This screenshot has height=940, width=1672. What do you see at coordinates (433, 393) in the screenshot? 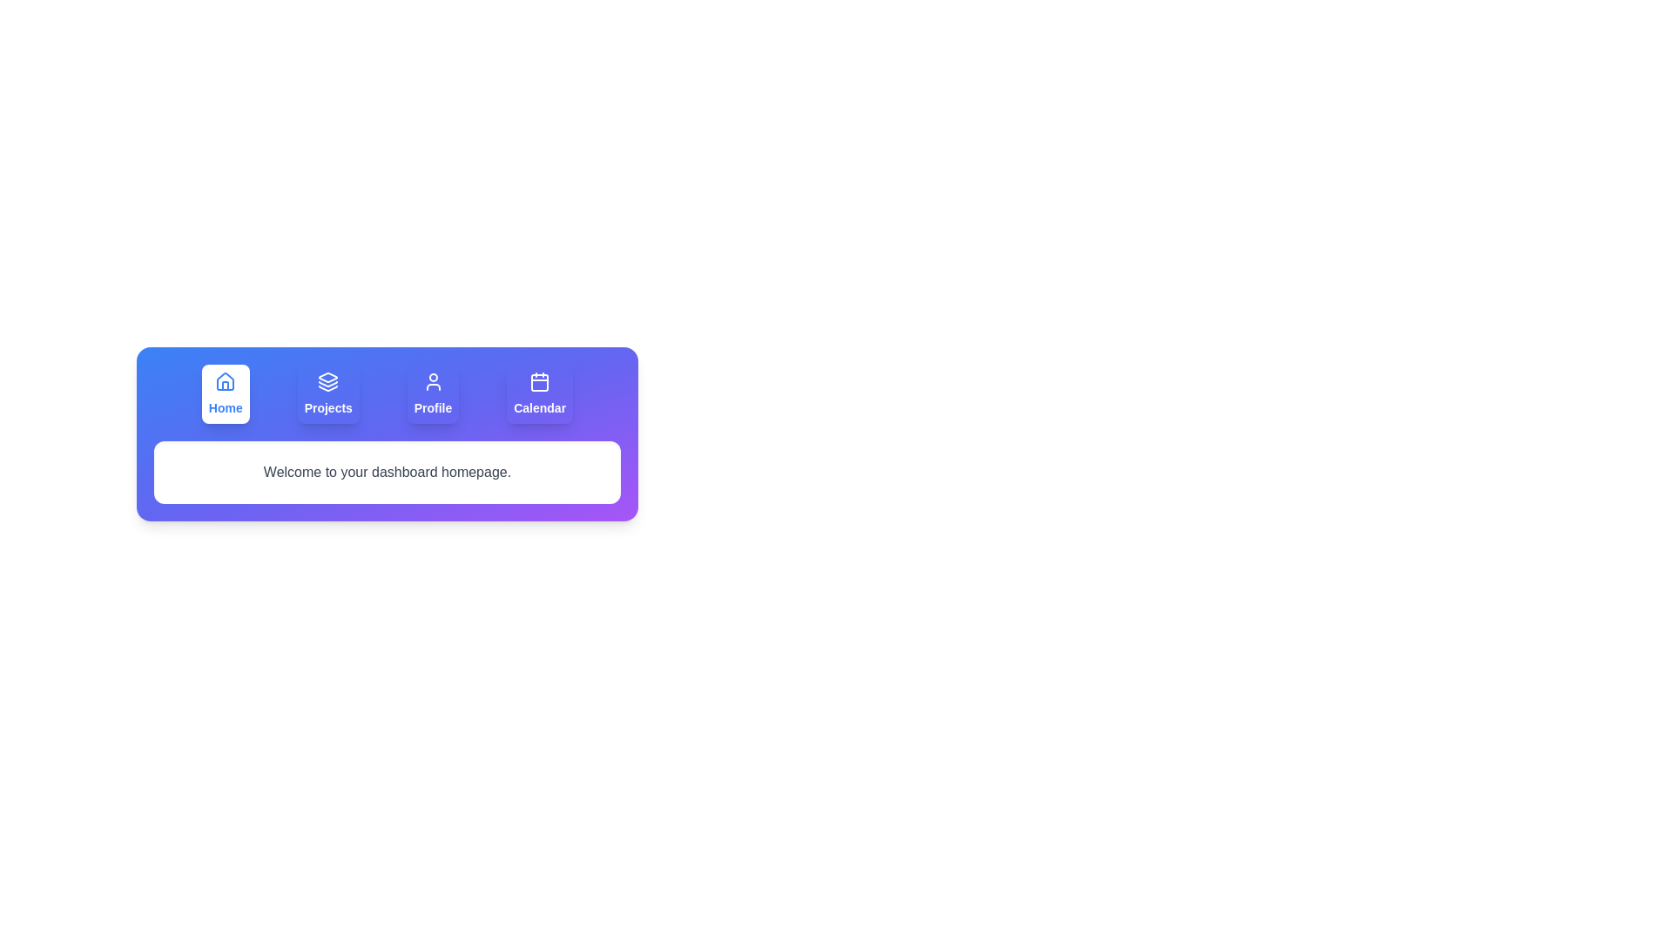
I see `the Profile tab by clicking on its corresponding button` at bounding box center [433, 393].